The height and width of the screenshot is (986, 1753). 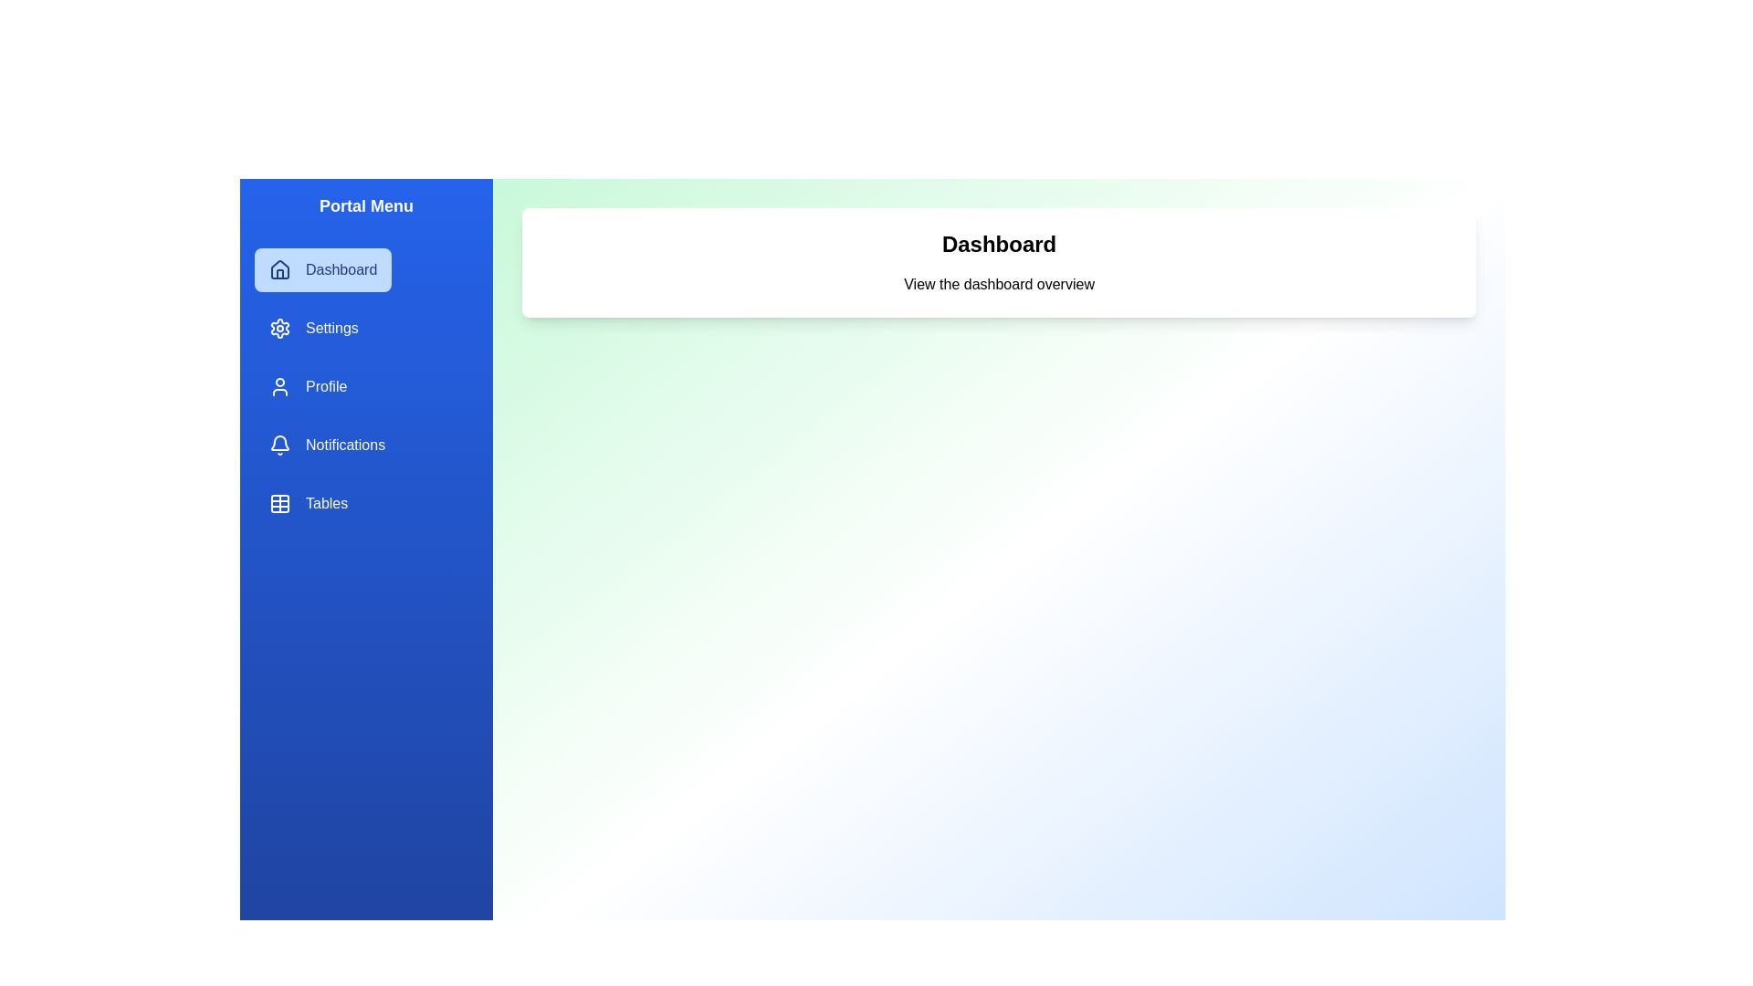 What do you see at coordinates (307, 386) in the screenshot?
I see `the menu option Profile to navigate to the corresponding section` at bounding box center [307, 386].